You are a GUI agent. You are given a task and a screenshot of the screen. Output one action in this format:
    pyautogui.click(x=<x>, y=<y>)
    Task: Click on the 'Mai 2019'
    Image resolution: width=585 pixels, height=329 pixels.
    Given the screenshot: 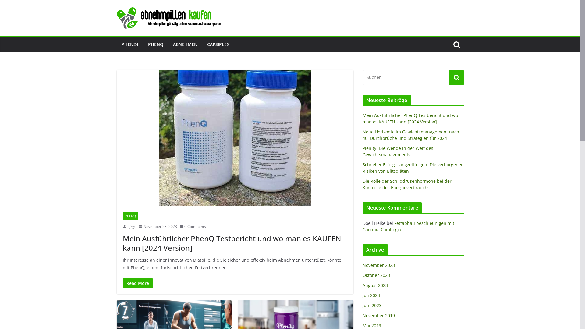 What is the action you would take?
    pyautogui.click(x=371, y=325)
    